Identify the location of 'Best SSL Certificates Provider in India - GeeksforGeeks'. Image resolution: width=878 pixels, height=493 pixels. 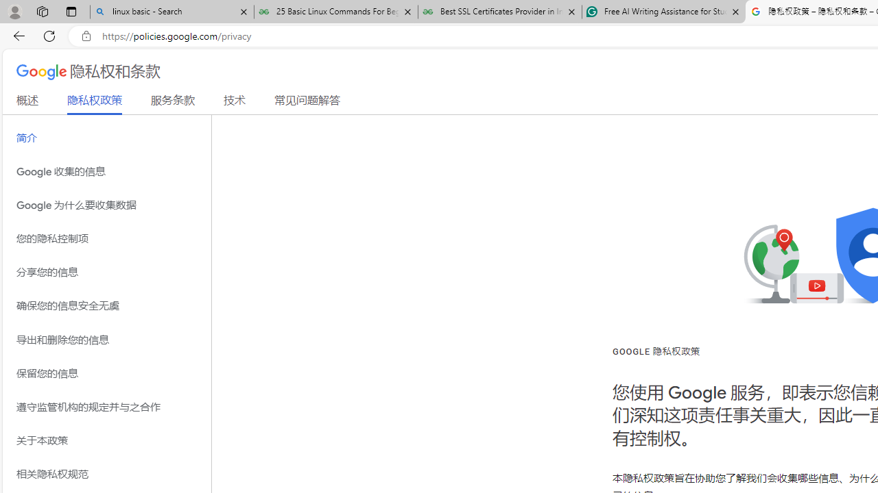
(499, 12).